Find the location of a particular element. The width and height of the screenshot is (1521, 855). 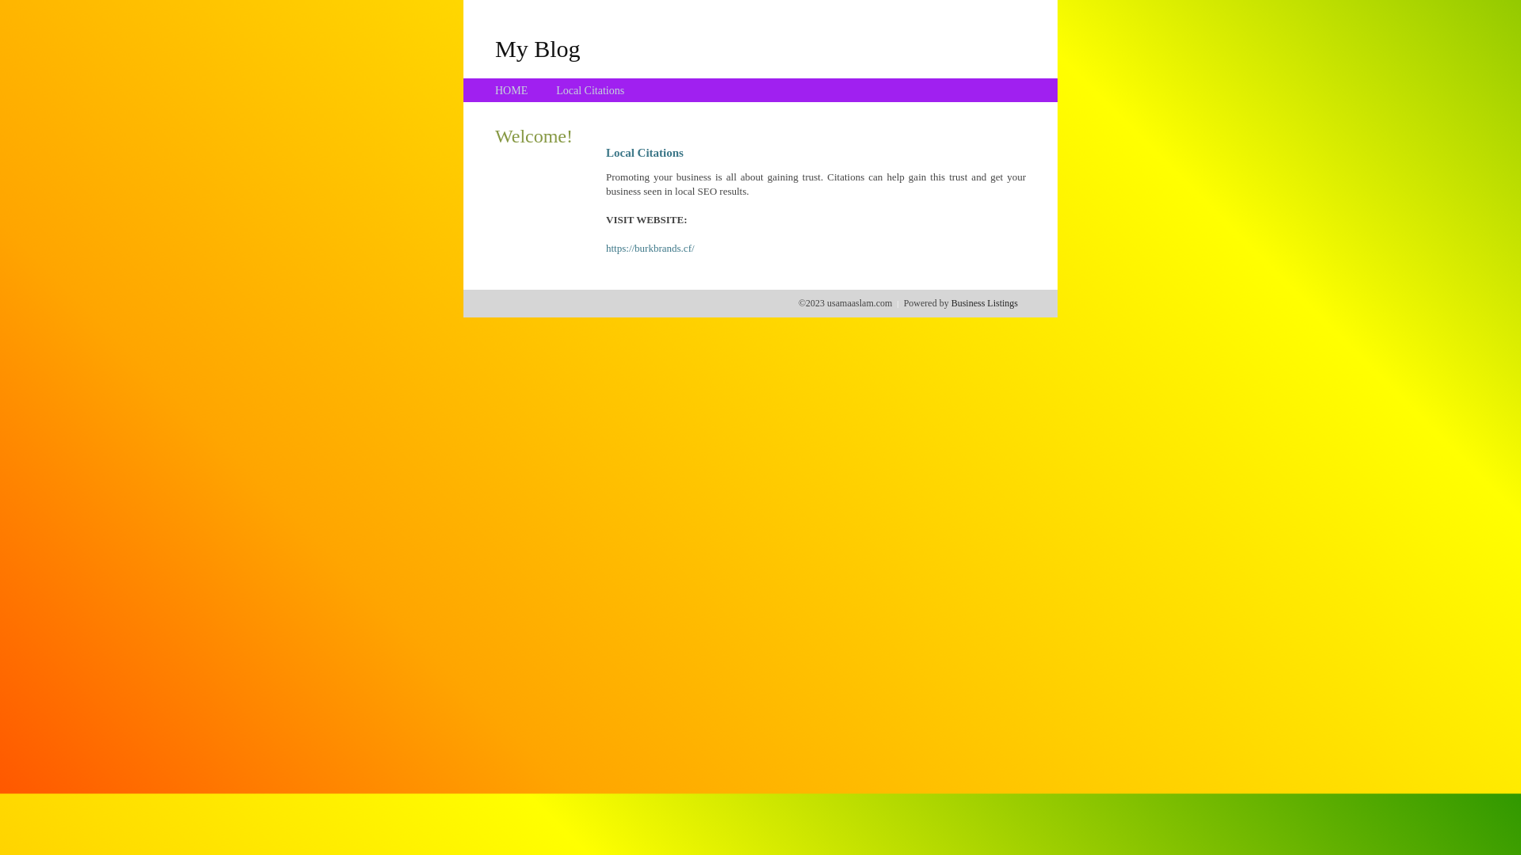

'HOME' is located at coordinates (511, 90).